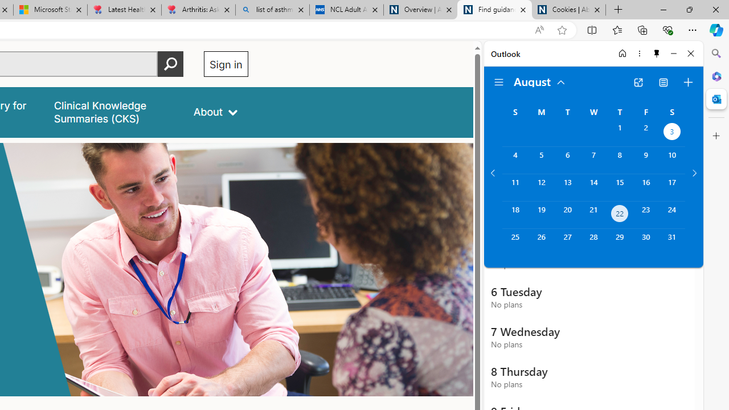  What do you see at coordinates (672, 132) in the screenshot?
I see `'Saturday, August 3, 2024. Date selected. '` at bounding box center [672, 132].